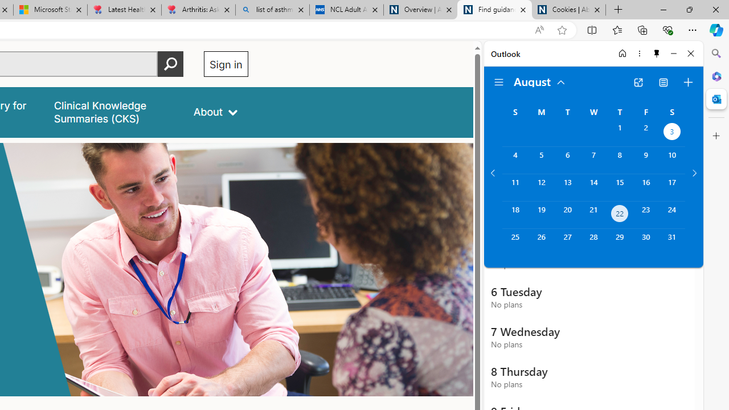  What do you see at coordinates (672, 132) in the screenshot?
I see `'Saturday, August 3, 2024. Date selected. '` at bounding box center [672, 132].